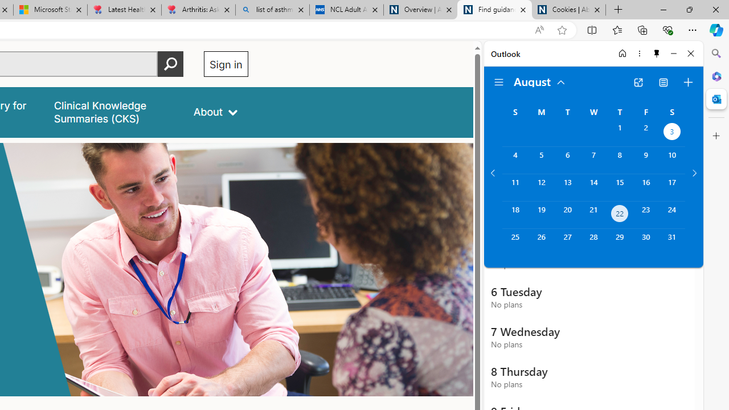  What do you see at coordinates (672, 132) in the screenshot?
I see `'Saturday, August 3, 2024. Date selected. '` at bounding box center [672, 132].